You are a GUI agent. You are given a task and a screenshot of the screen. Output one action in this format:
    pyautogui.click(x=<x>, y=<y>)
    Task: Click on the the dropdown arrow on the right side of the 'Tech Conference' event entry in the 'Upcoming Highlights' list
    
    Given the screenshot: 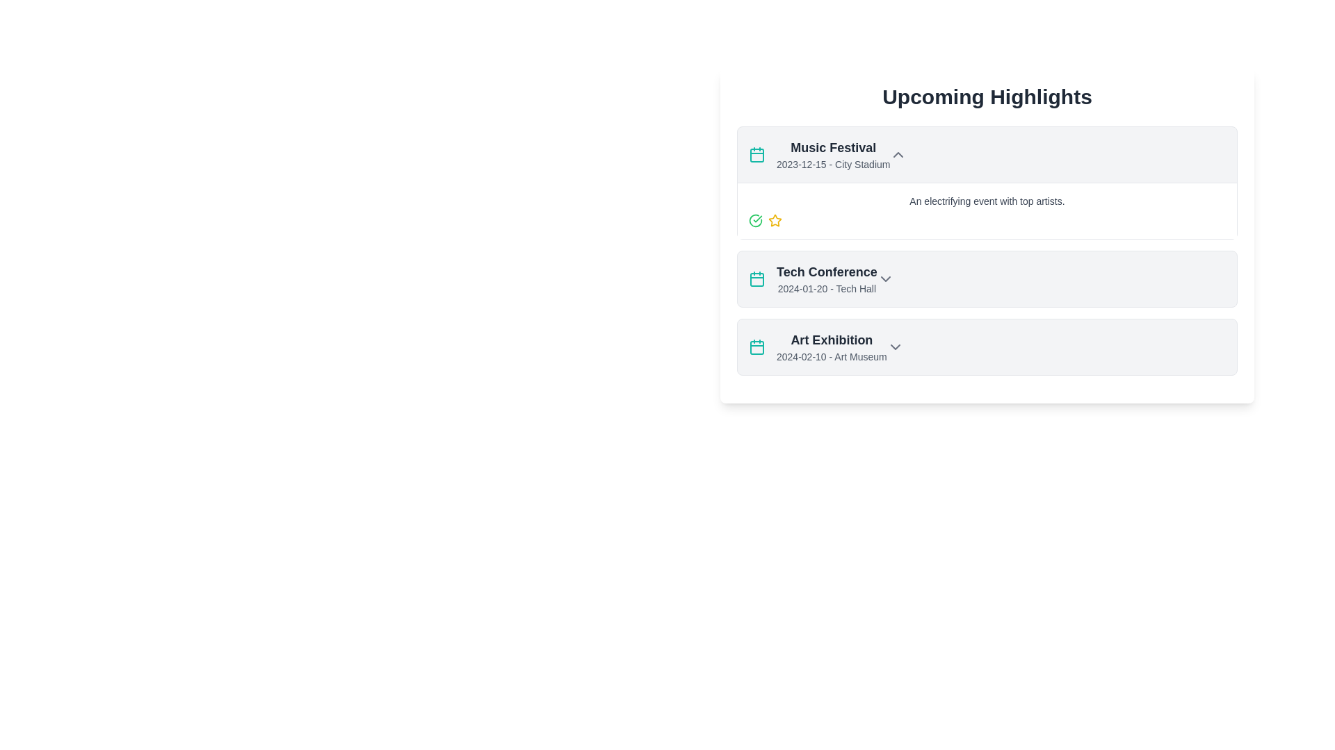 What is the action you would take?
    pyautogui.click(x=987, y=278)
    